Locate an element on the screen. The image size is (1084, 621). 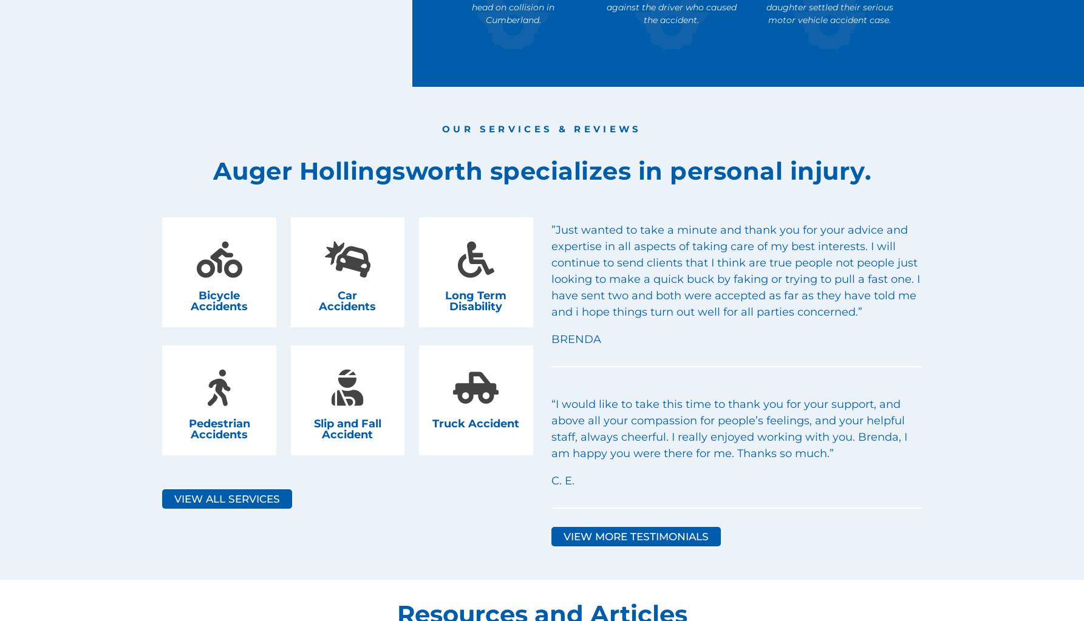
'Truck Accident' is located at coordinates (476, 422).